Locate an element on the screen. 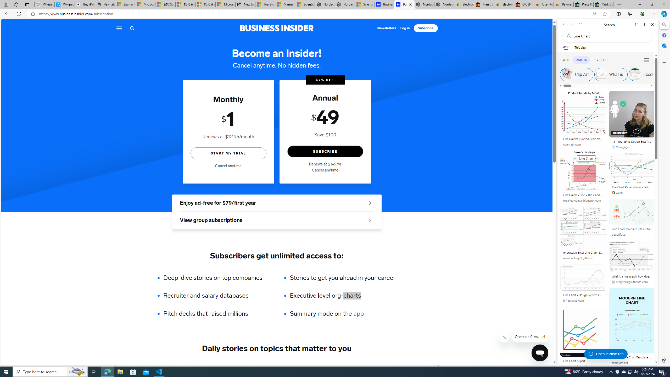 This screenshot has width=670, height=377. 'Excel Simple' is located at coordinates (635, 74).